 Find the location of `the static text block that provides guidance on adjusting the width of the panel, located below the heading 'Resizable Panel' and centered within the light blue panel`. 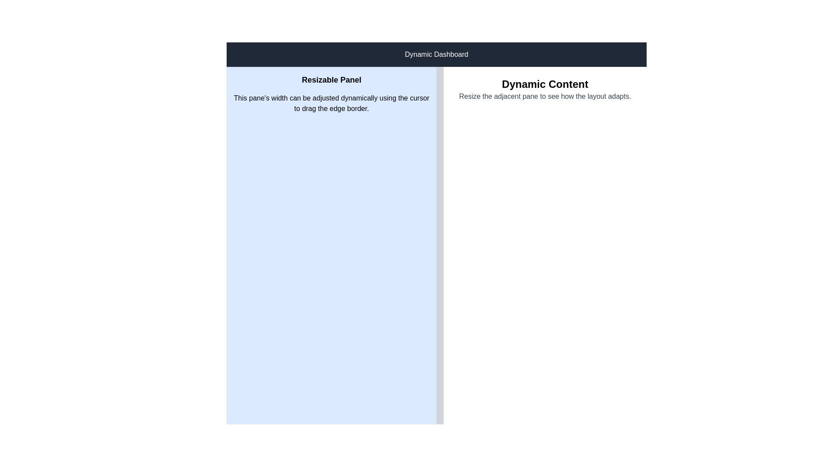

the static text block that provides guidance on adjusting the width of the panel, located below the heading 'Resizable Panel' and centered within the light blue panel is located at coordinates (331, 103).